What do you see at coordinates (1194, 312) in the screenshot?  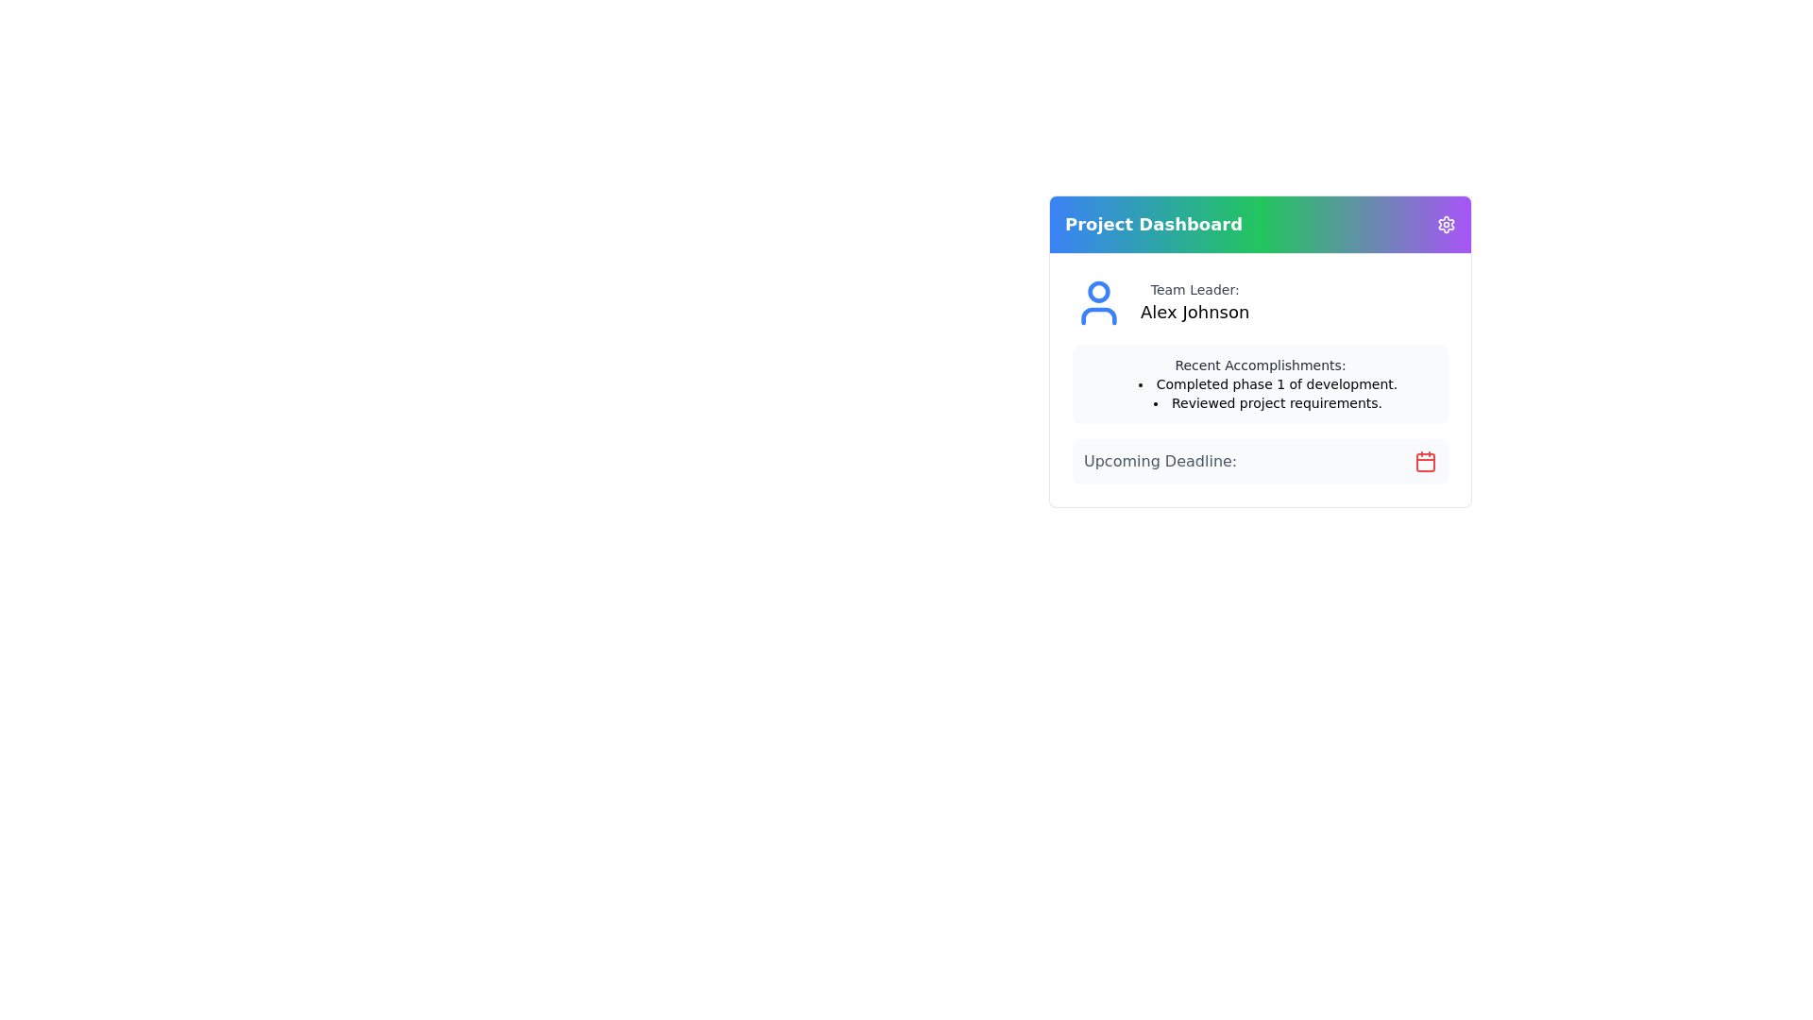 I see `the static text displaying the name 'Alex Johnson,' which identifies the Team Leader role in the Project Dashboard` at bounding box center [1194, 312].